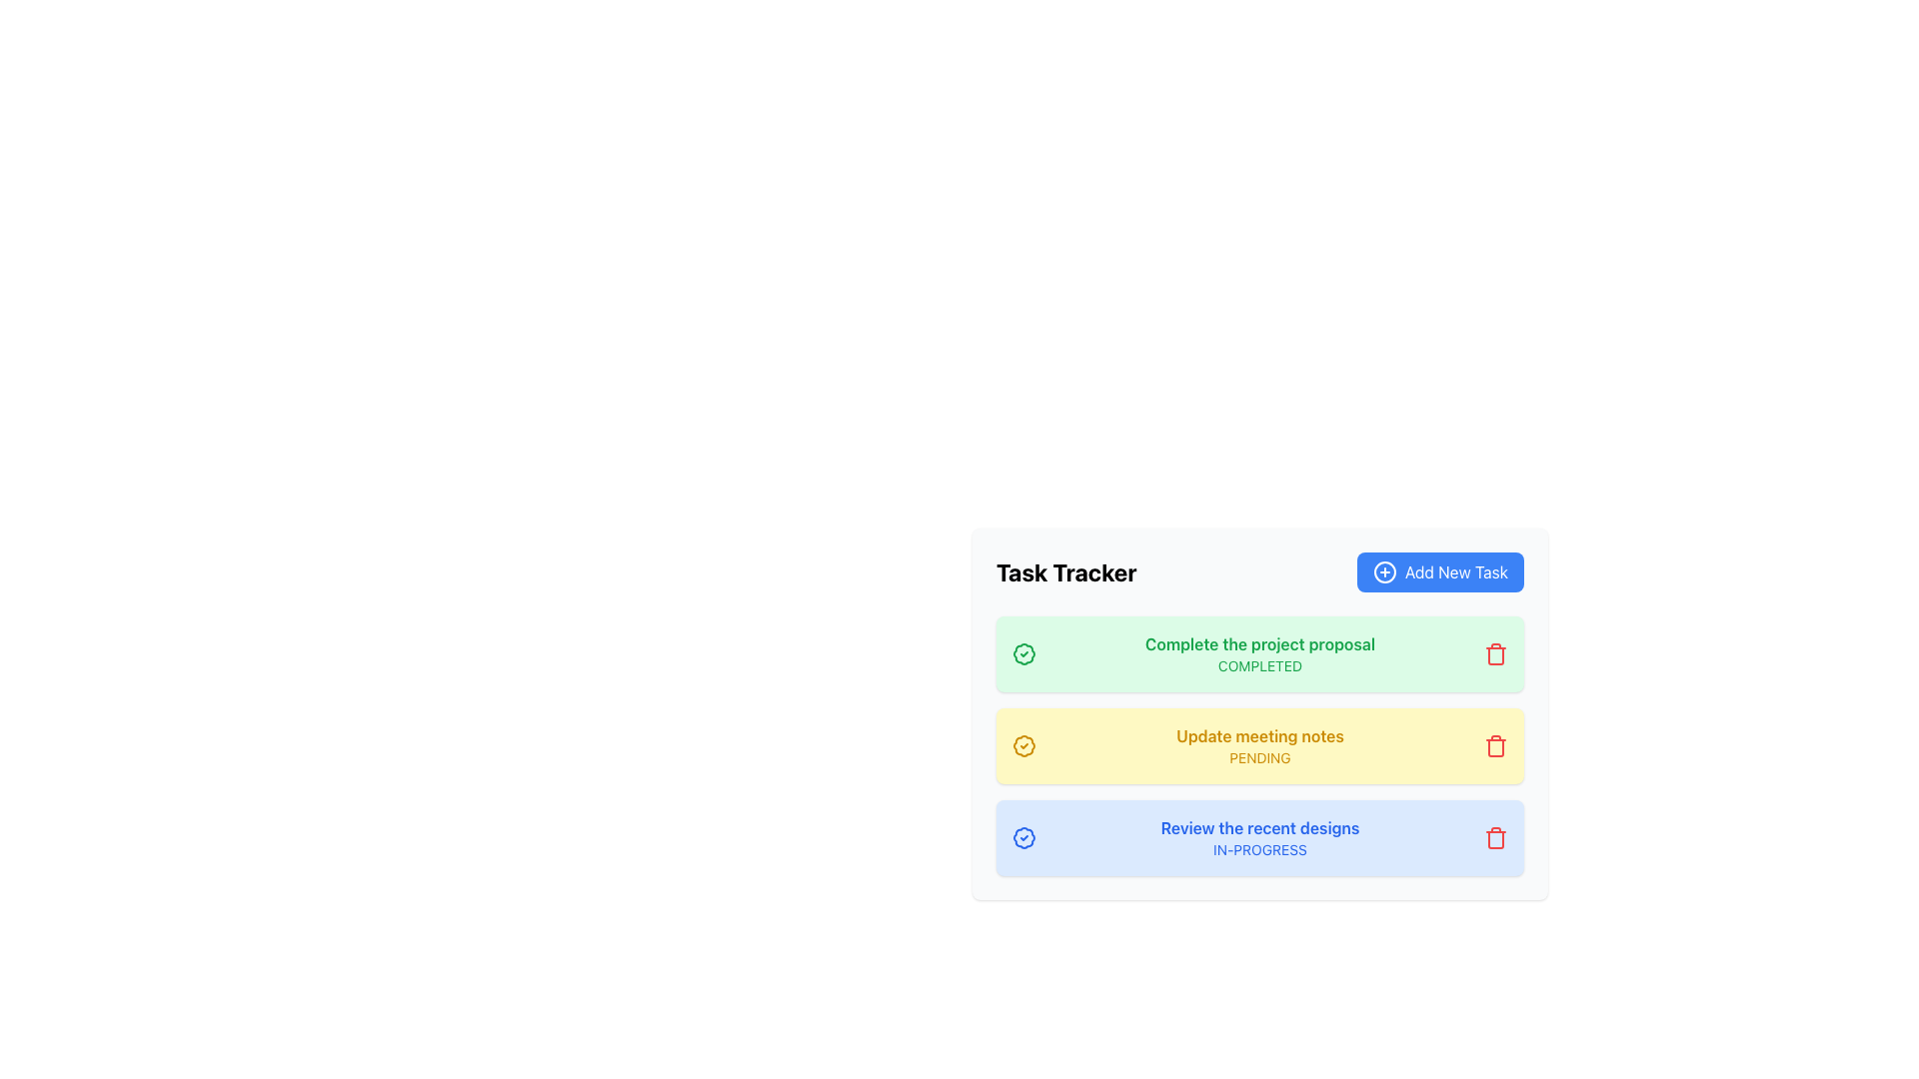 The height and width of the screenshot is (1079, 1919). Describe the element at coordinates (1259, 828) in the screenshot. I see `title of the task from the text label located at the top of the third task entry in the task tracking interface` at that location.